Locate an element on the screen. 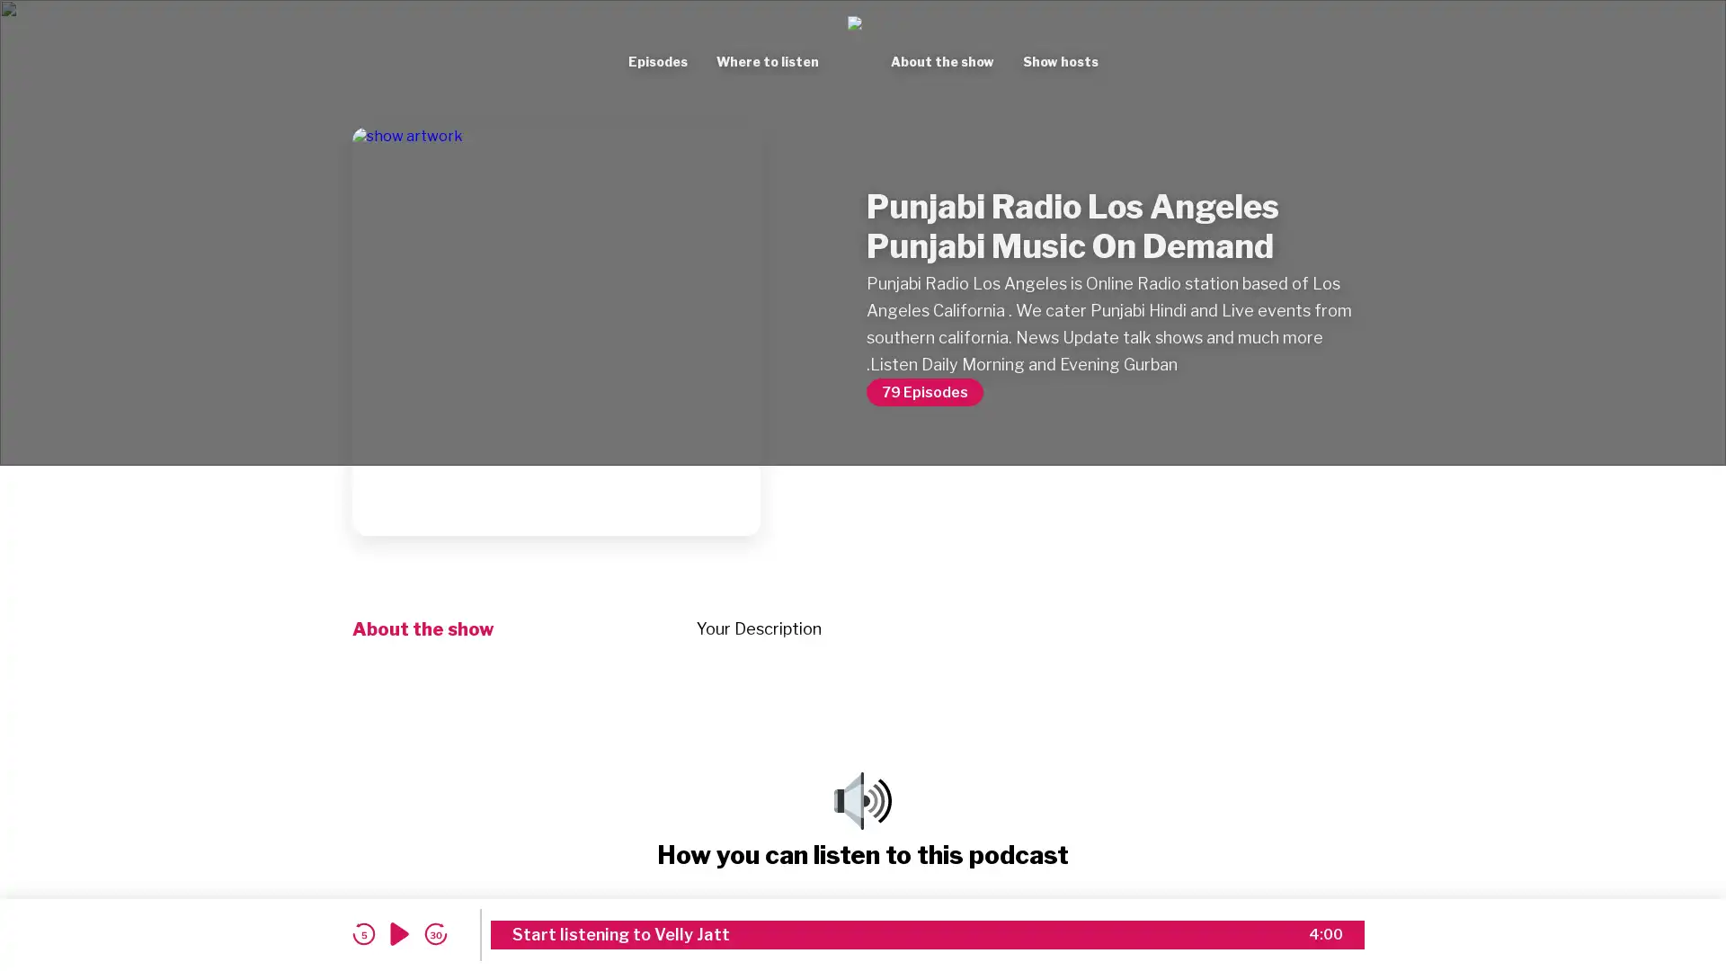 This screenshot has width=1726, height=971. skip back 5 seconds is located at coordinates (362, 933).